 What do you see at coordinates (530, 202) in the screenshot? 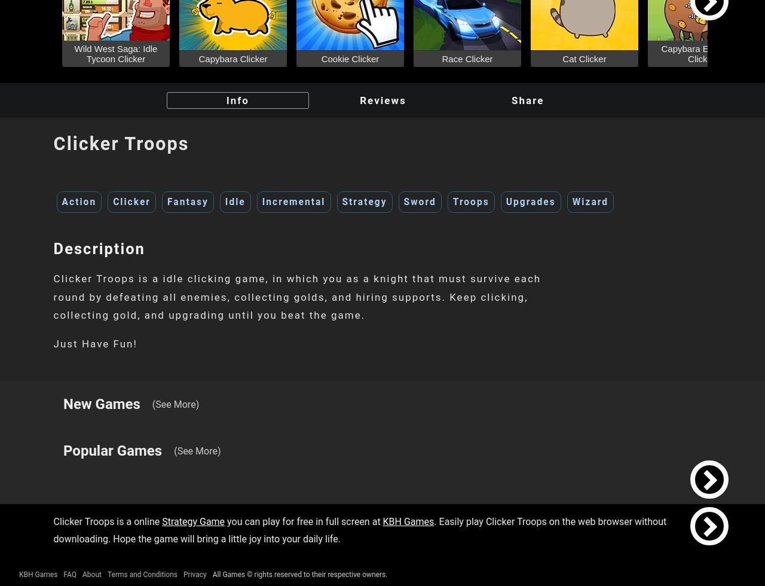
I see `'Upgrades'` at bounding box center [530, 202].